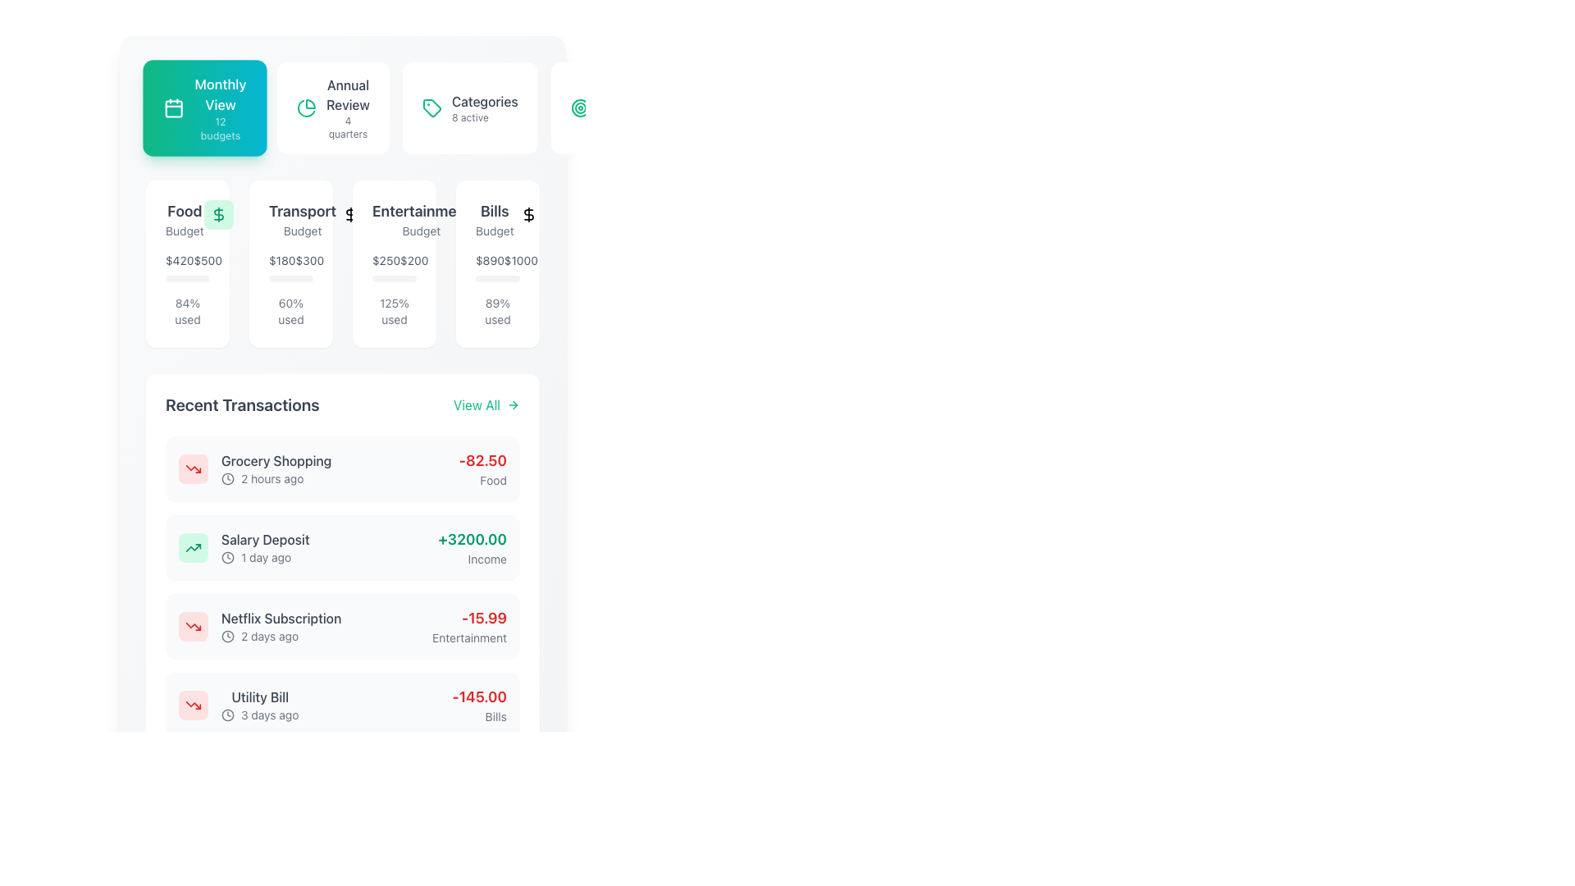  Describe the element at coordinates (489, 259) in the screenshot. I see `the static text label displaying '$890', which is styled in bold, sans-serif black font and positioned in the middle-right section of the UI, adjacent to another amount '$1000'` at that location.